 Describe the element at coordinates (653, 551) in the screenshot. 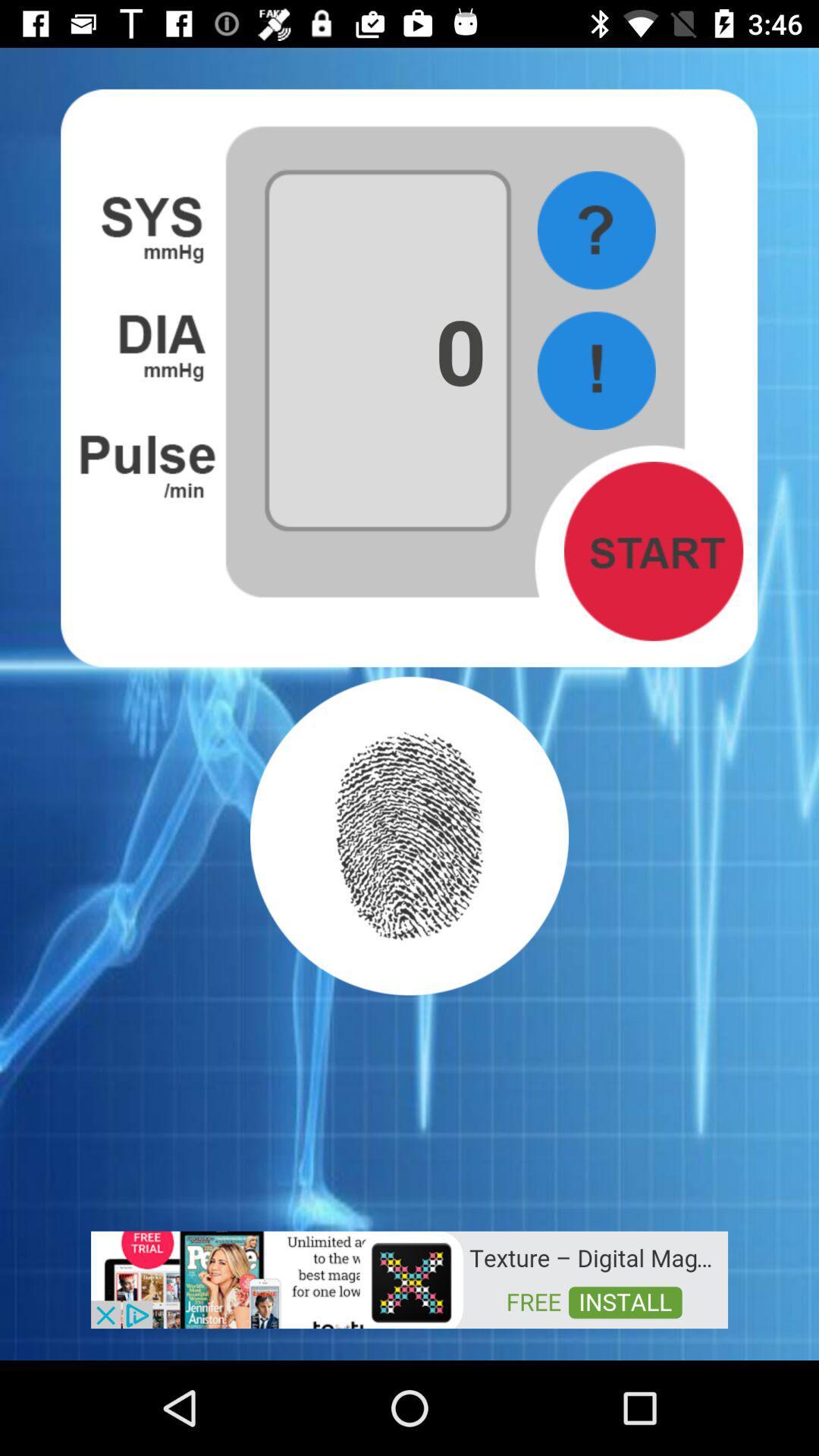

I see `to start the test` at that location.